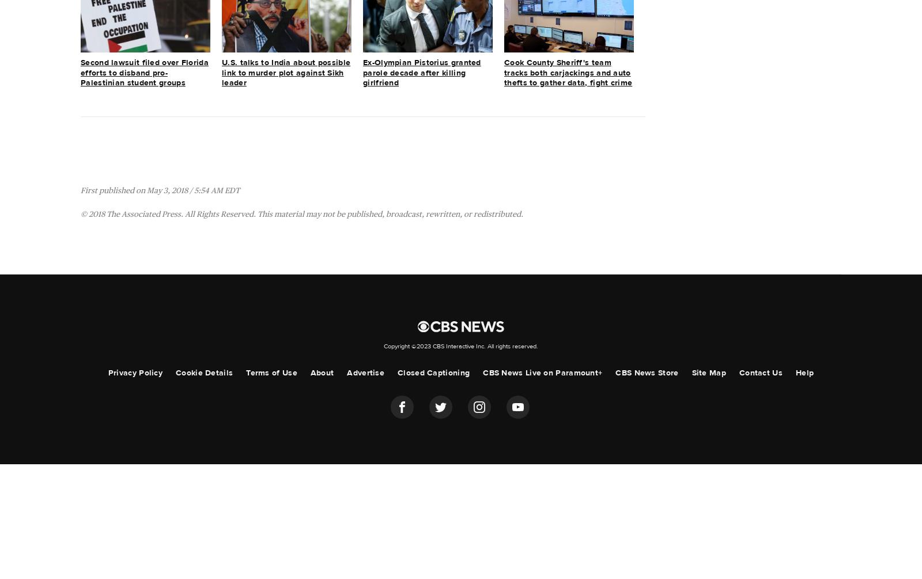 This screenshot has height=579, width=922. Describe the element at coordinates (461, 345) in the screenshot. I see `'Copyright ©2023 CBS Interactive Inc. All rights reserved.'` at that location.